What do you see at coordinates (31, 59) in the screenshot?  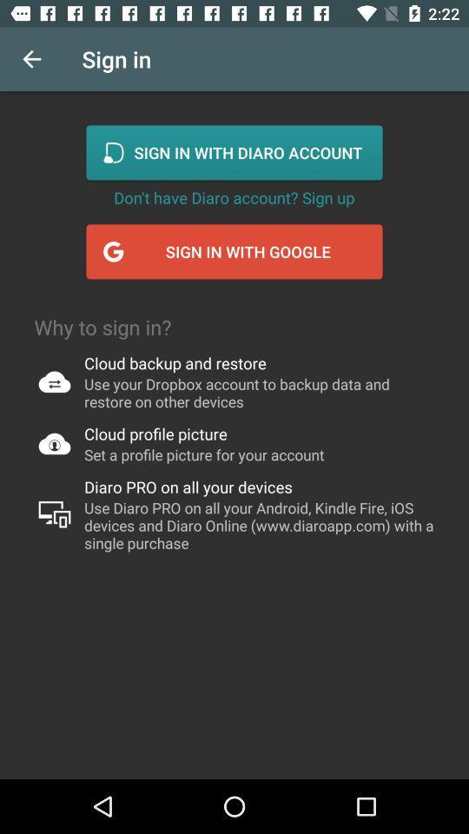 I see `item above the why to sign icon` at bounding box center [31, 59].